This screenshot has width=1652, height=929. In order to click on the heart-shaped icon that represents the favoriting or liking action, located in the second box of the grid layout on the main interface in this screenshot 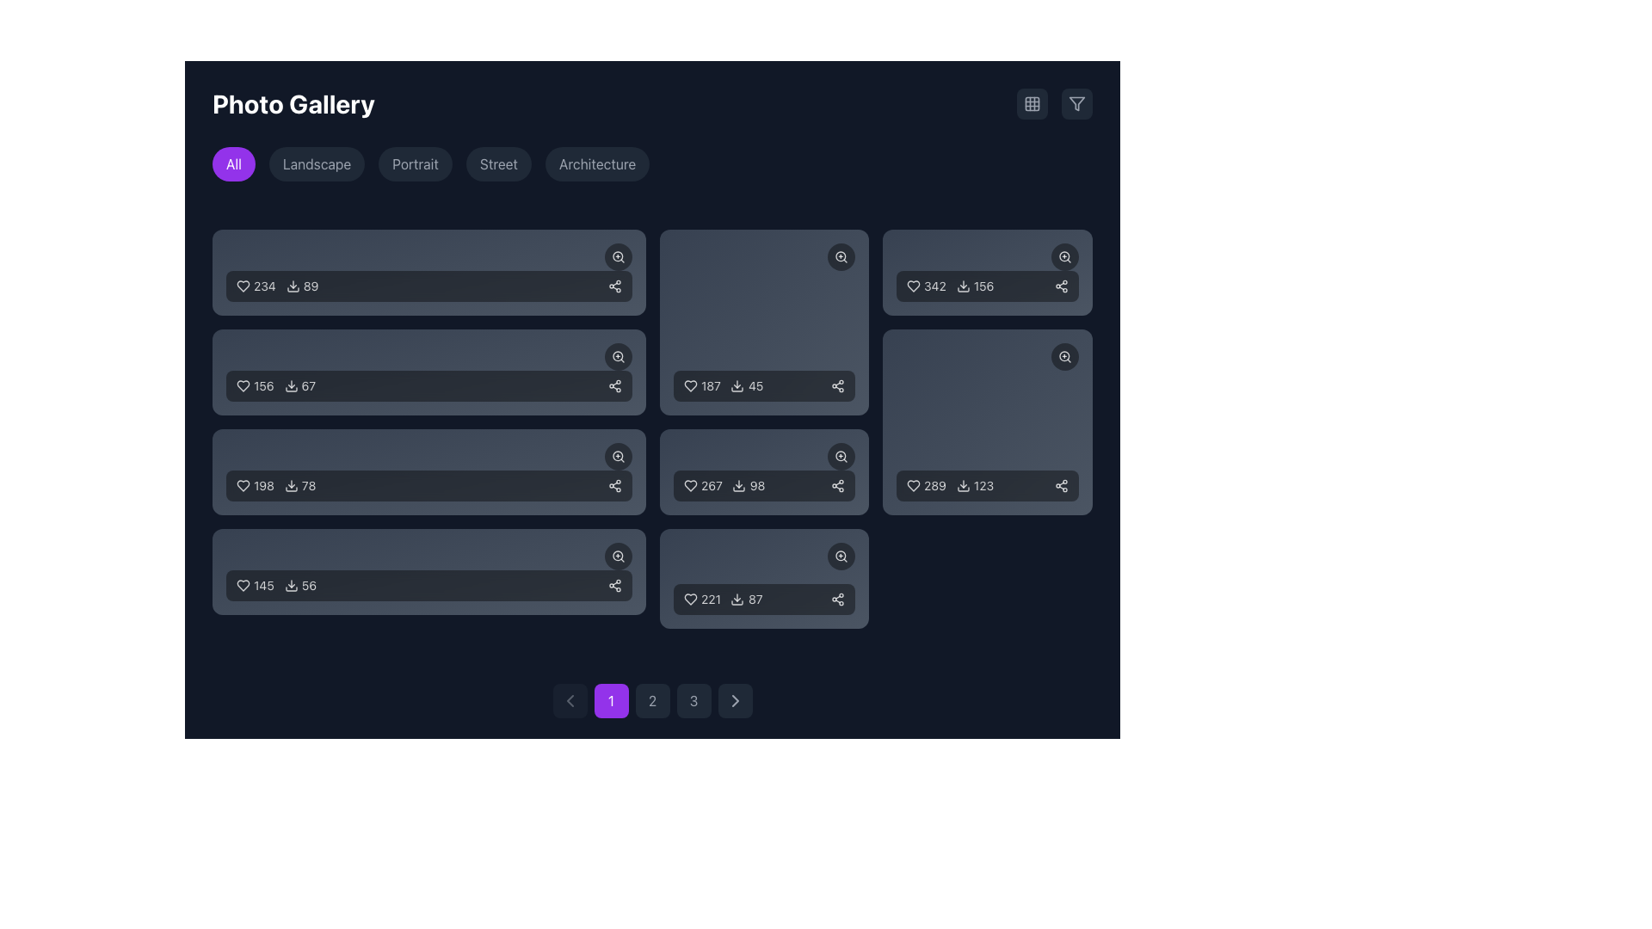, I will do `click(243, 385)`.